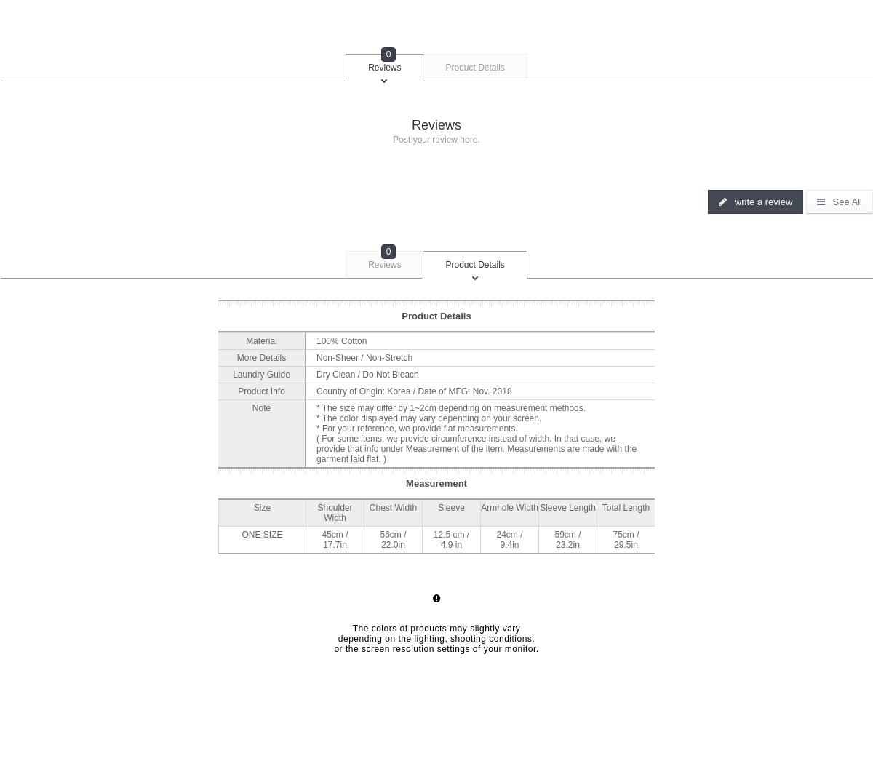 The width and height of the screenshot is (873, 761). What do you see at coordinates (451, 542) in the screenshot?
I see `'4.9 in'` at bounding box center [451, 542].